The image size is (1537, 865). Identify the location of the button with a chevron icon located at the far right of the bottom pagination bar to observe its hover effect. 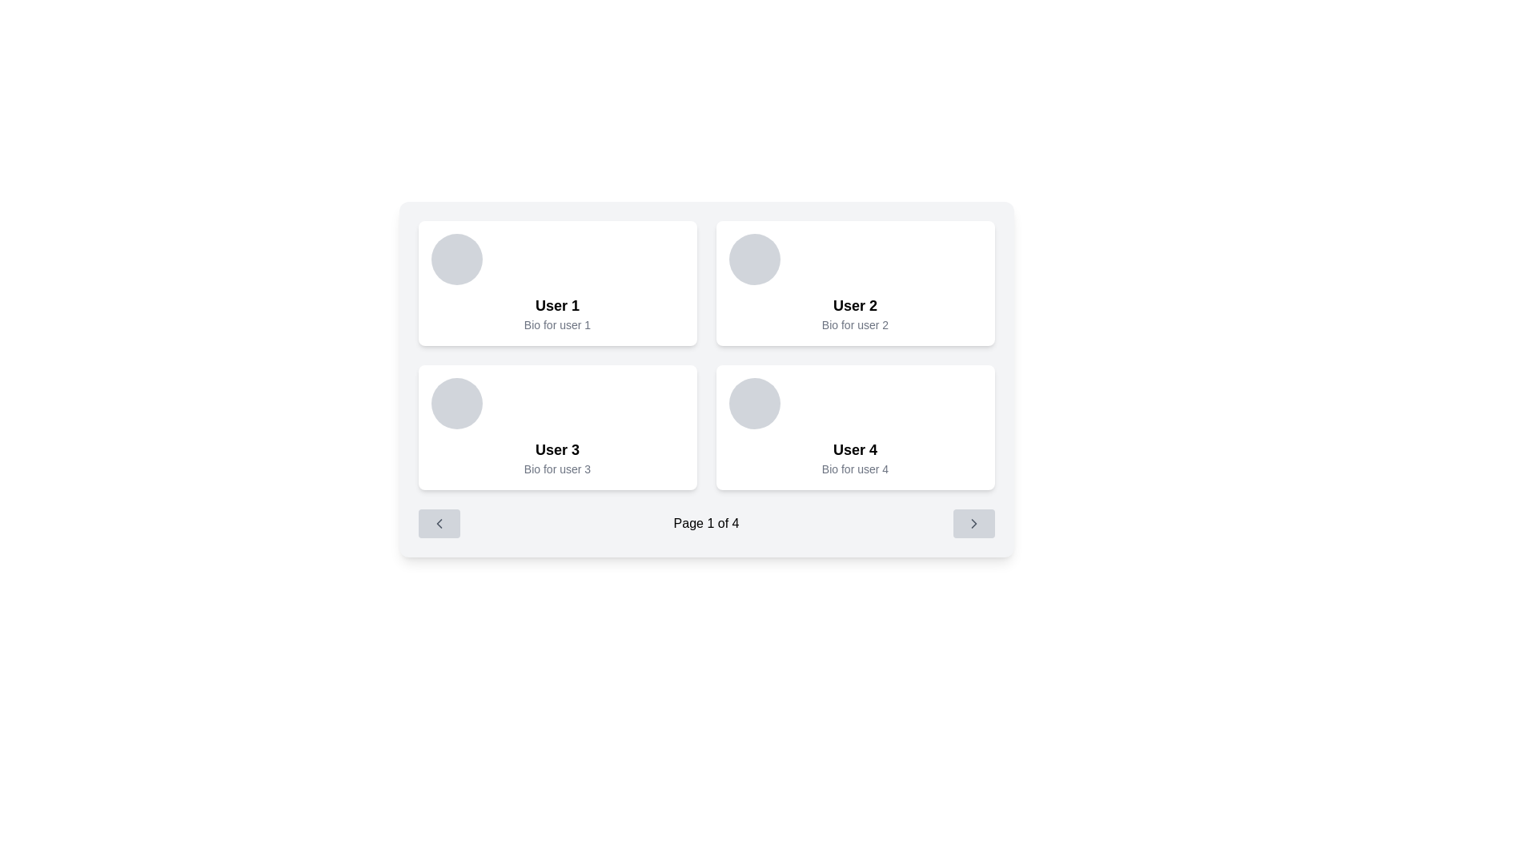
(973, 524).